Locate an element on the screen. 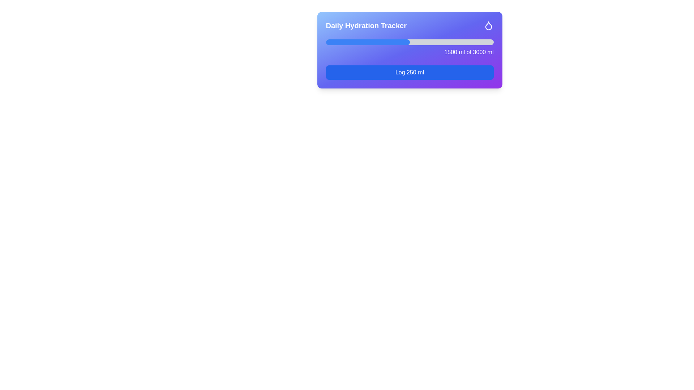 This screenshot has height=390, width=694. the vibrant blue button labeled 'Log 250 ml', which is located at the bottom of the 'Daily Hydration Tracker' widget is located at coordinates (410, 72).